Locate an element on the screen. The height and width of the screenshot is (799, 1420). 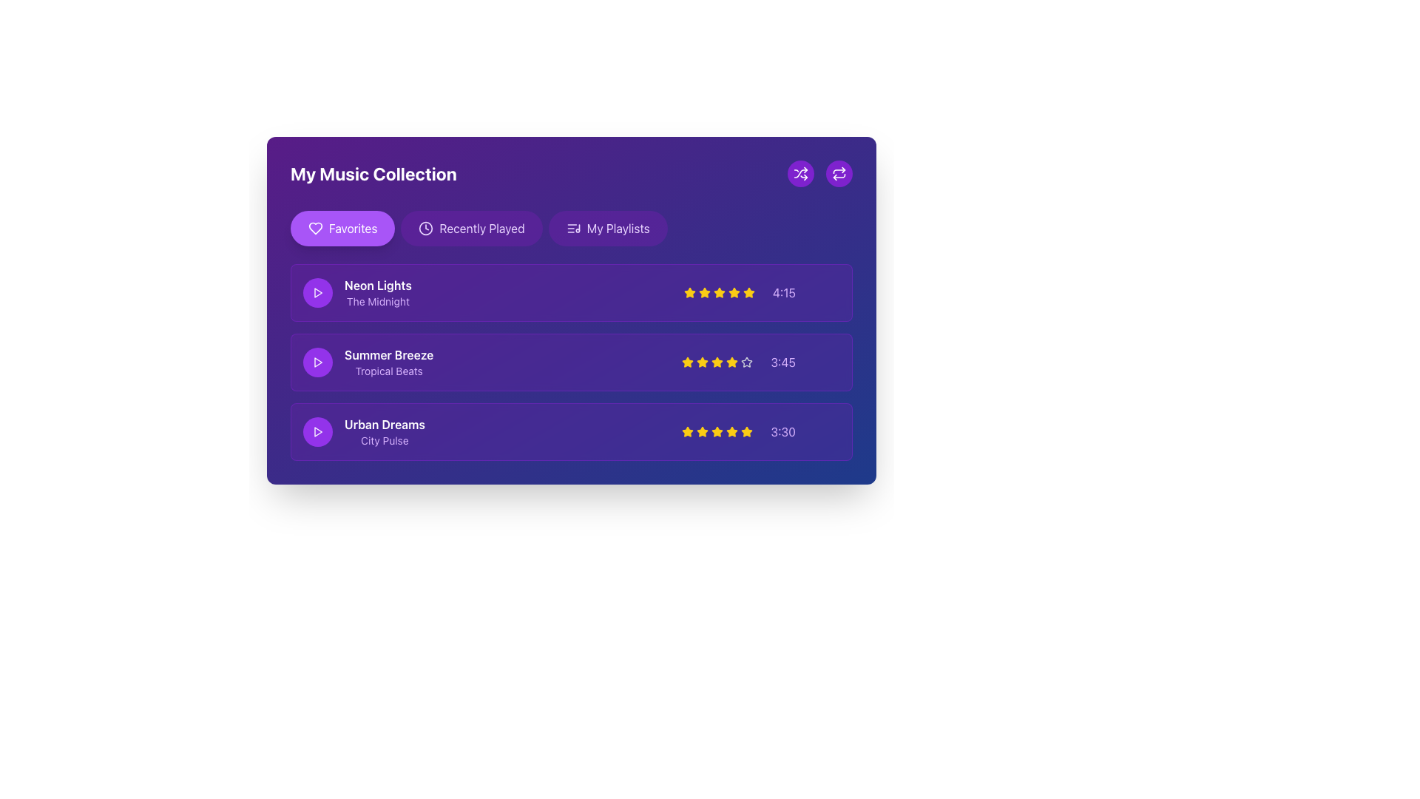
the play button located to the left of the text 'Urban Dreams' in the playlist to play the associated track is located at coordinates (317, 431).